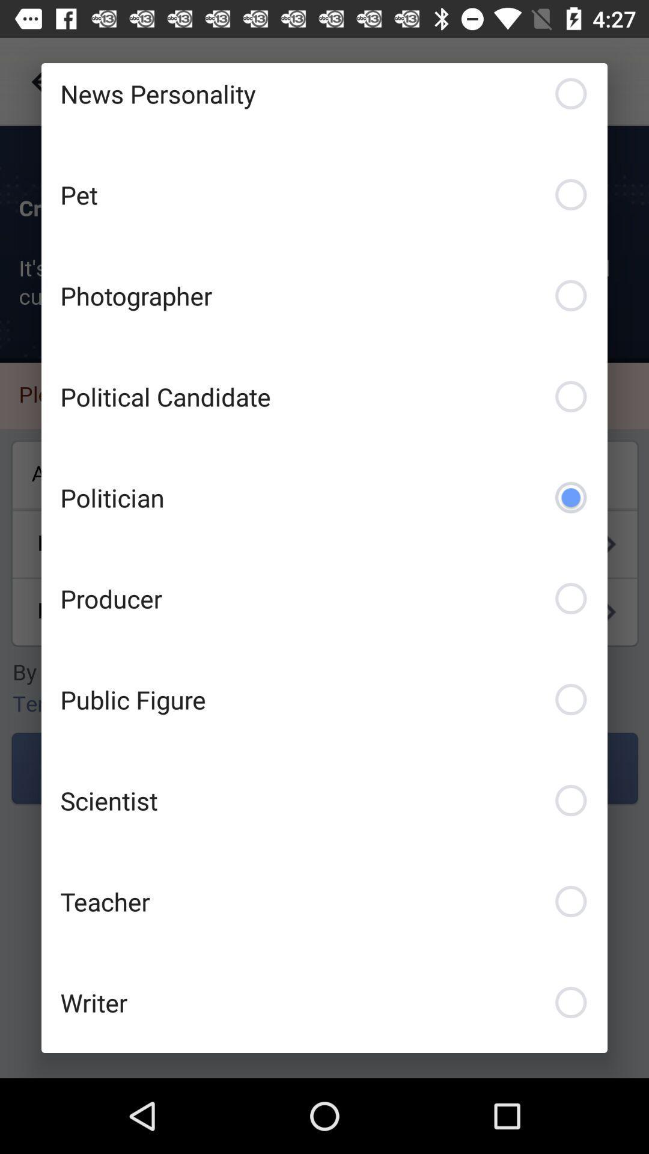 The height and width of the screenshot is (1154, 649). What do you see at coordinates (324, 699) in the screenshot?
I see `public figure item` at bounding box center [324, 699].